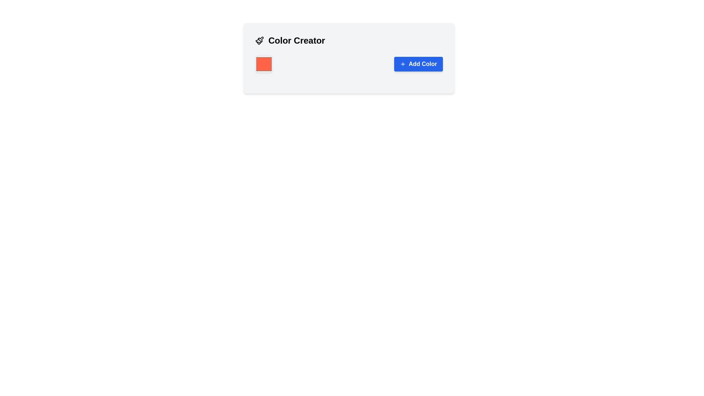 Image resolution: width=704 pixels, height=396 pixels. Describe the element at coordinates (260, 41) in the screenshot. I see `the paintbrush icon located to the left of the 'Color Creator' text` at that location.